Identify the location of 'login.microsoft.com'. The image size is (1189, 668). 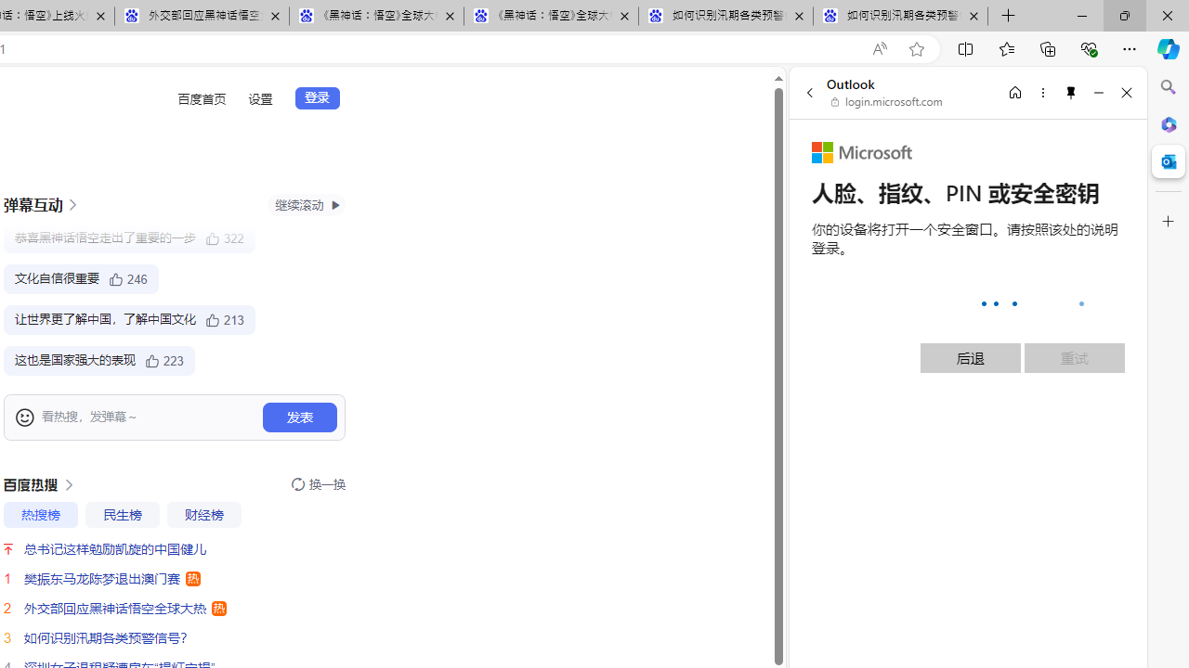
(886, 102).